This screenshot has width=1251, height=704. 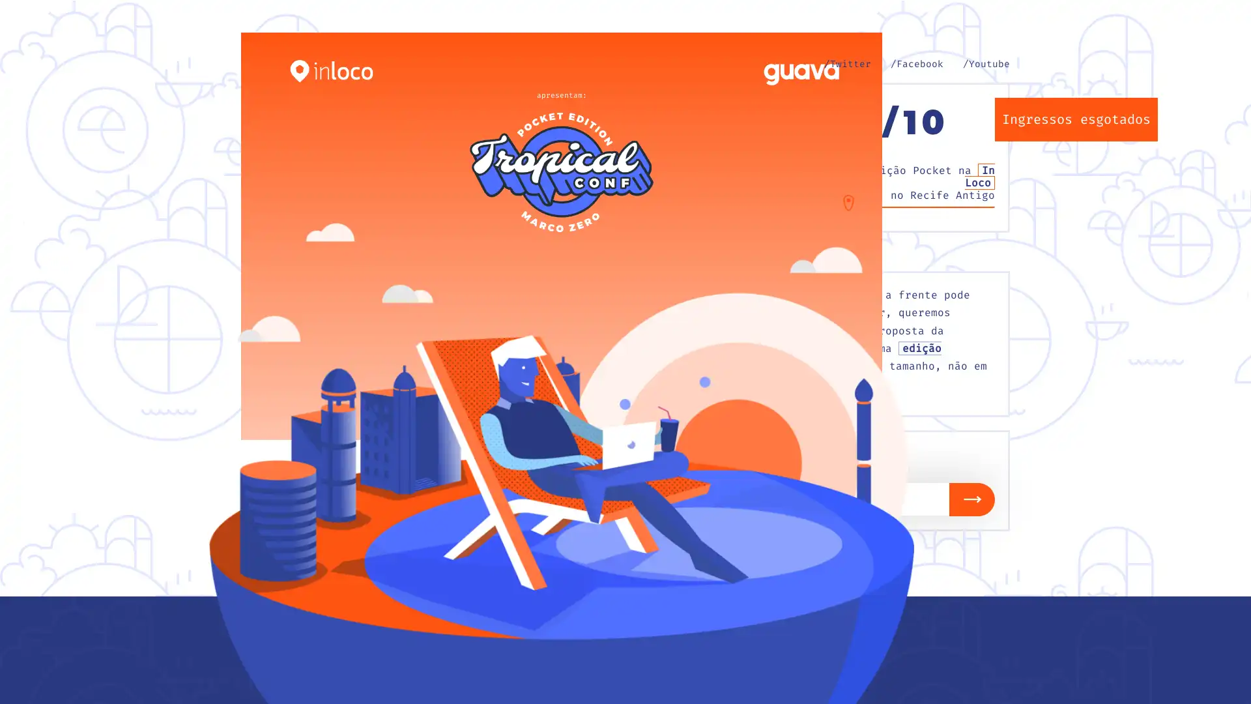 What do you see at coordinates (972, 499) in the screenshot?
I see `Botao de enviar com icone de seta` at bounding box center [972, 499].